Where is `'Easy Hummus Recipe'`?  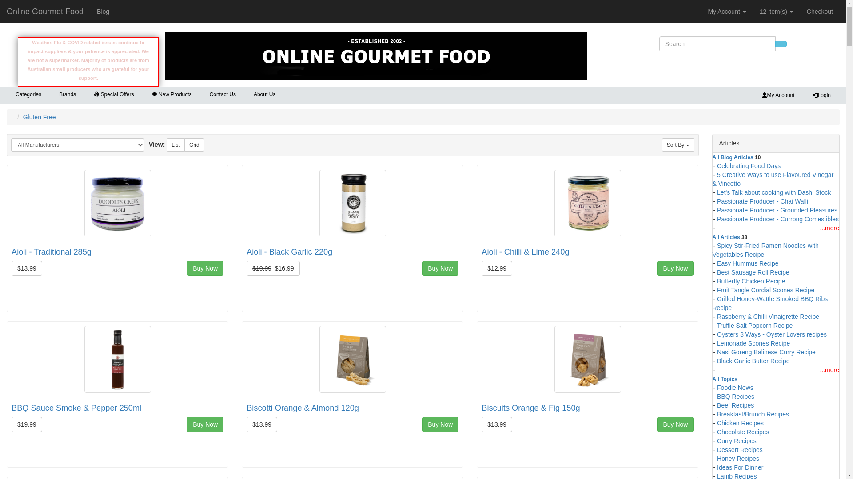 'Easy Hummus Recipe' is located at coordinates (747, 262).